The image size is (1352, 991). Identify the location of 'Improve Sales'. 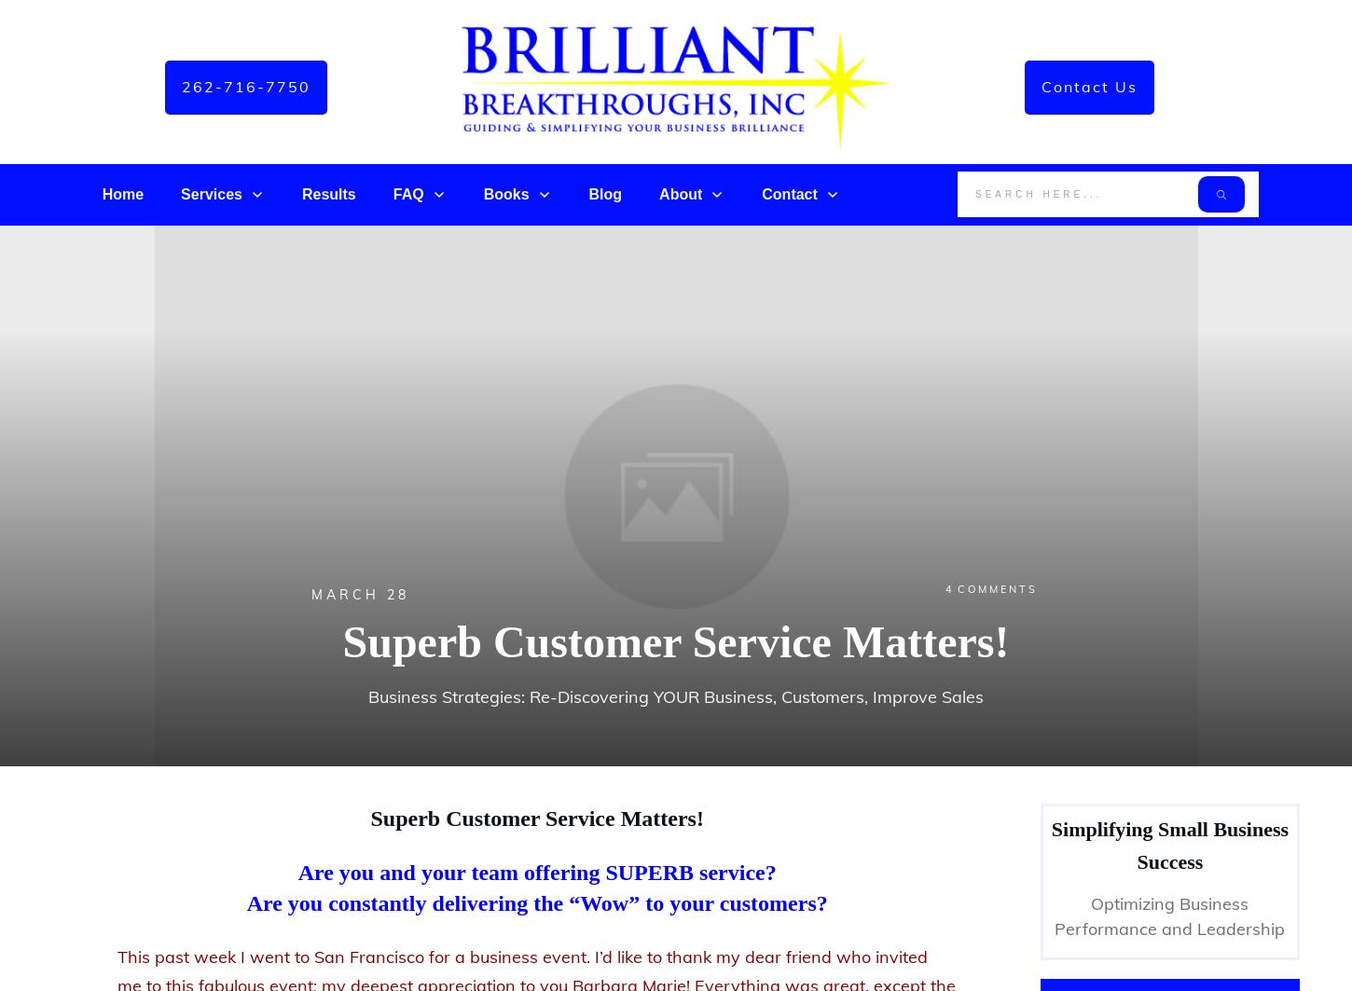
(871, 695).